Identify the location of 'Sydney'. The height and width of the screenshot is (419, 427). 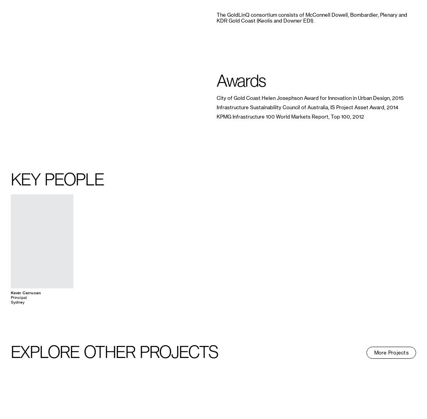
(17, 302).